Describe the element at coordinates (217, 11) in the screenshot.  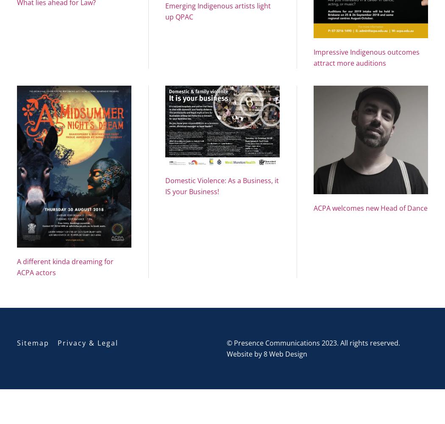
I see `'Emerging Indigenous artists light up QPAC'` at that location.